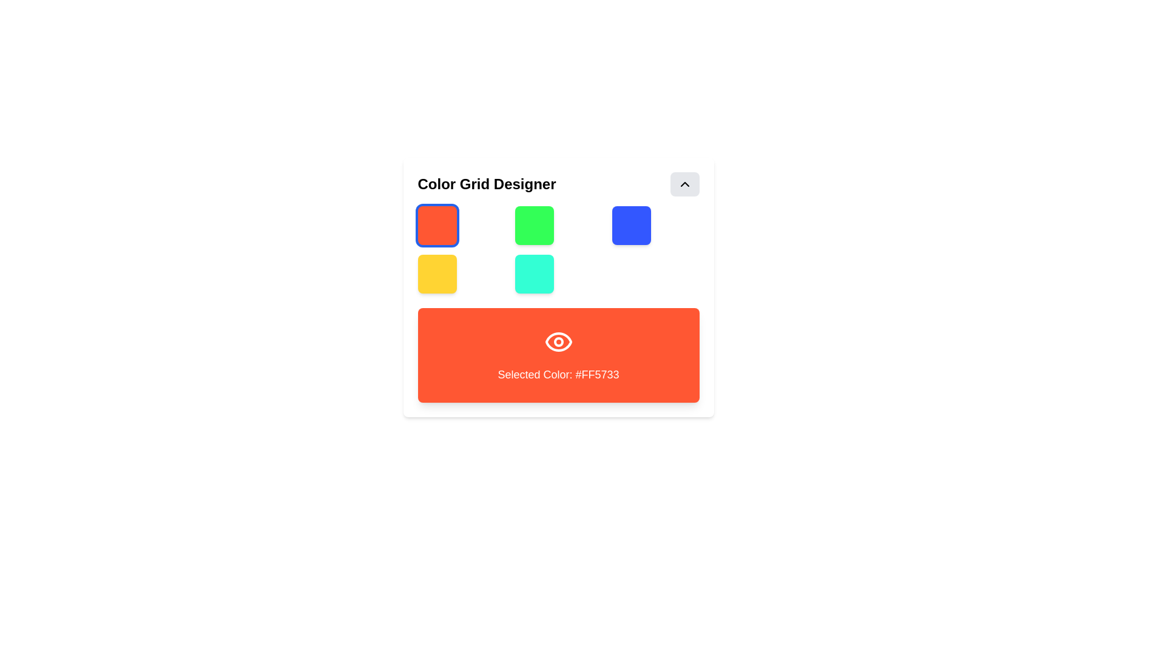 This screenshot has height=655, width=1165. What do you see at coordinates (534, 225) in the screenshot?
I see `the bright green colored square option with rounded corners, which is the second square in a grid layout, positioned between a red-tinted square and a dark blue square` at bounding box center [534, 225].